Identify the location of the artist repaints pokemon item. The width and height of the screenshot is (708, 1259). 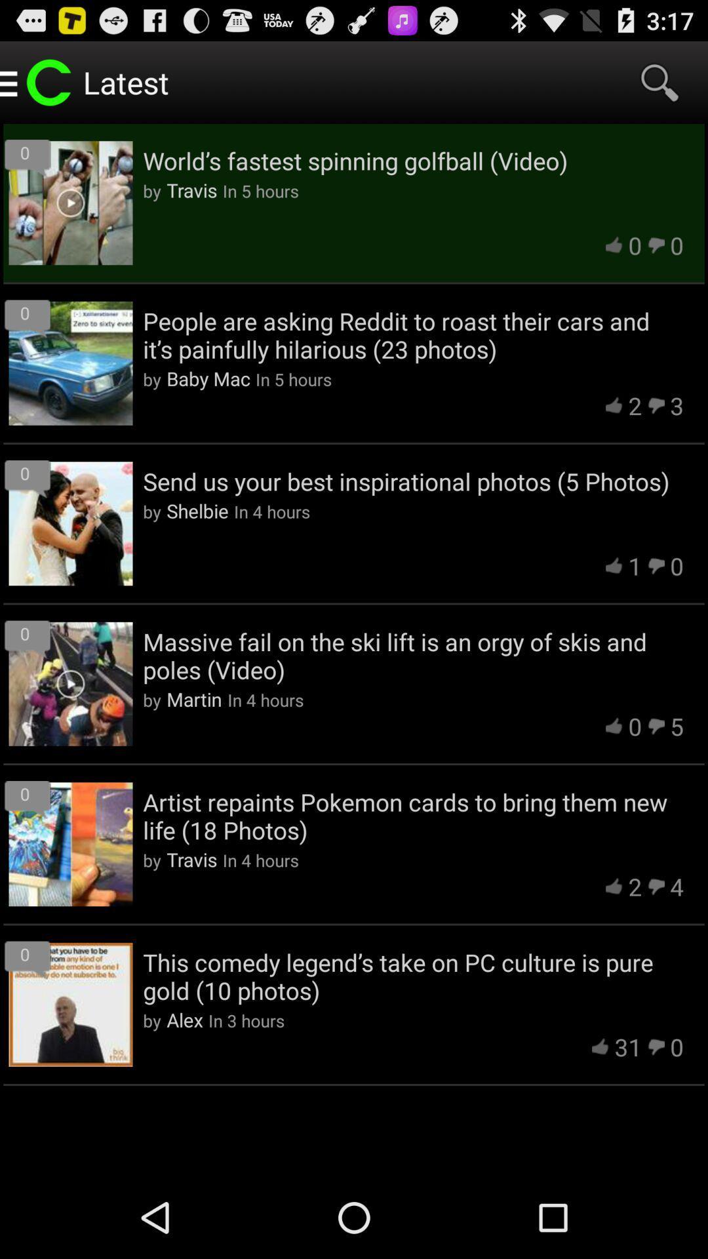
(413, 815).